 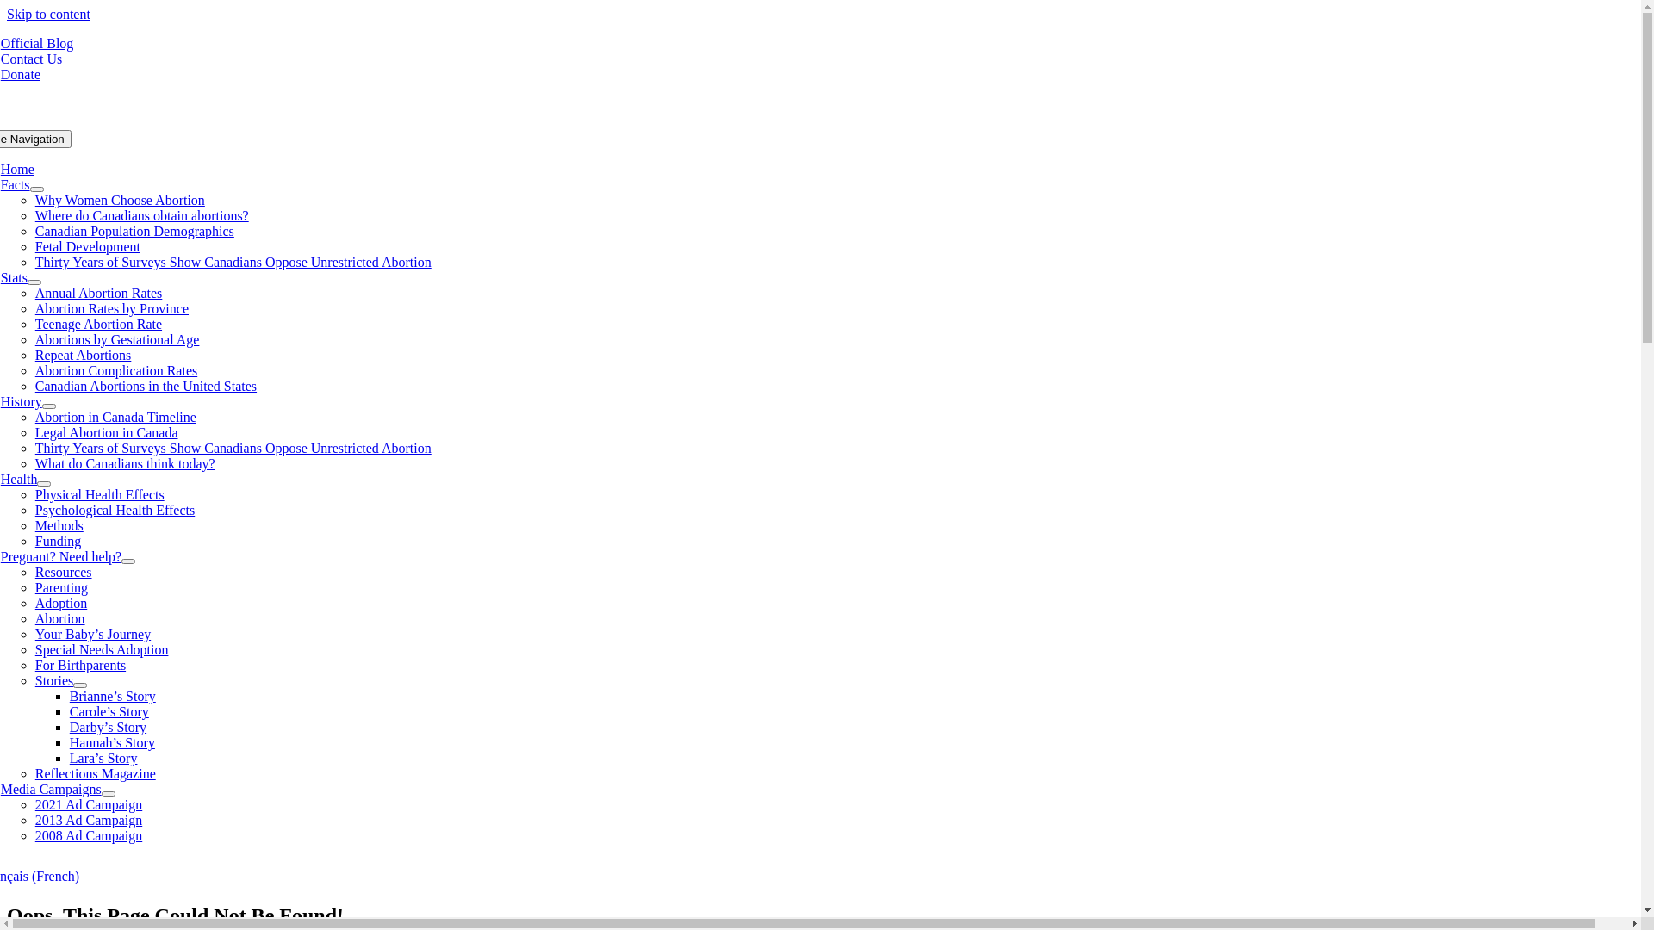 What do you see at coordinates (124, 462) in the screenshot?
I see `'What do Canadians think today?'` at bounding box center [124, 462].